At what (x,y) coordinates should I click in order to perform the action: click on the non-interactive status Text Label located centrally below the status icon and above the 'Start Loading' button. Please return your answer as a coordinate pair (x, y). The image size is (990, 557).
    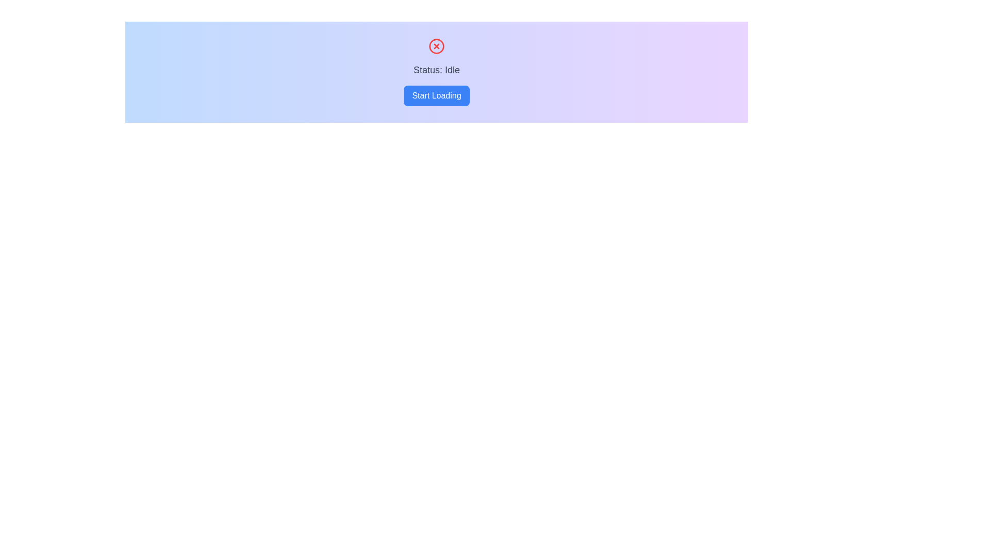
    Looking at the image, I should click on (436, 70).